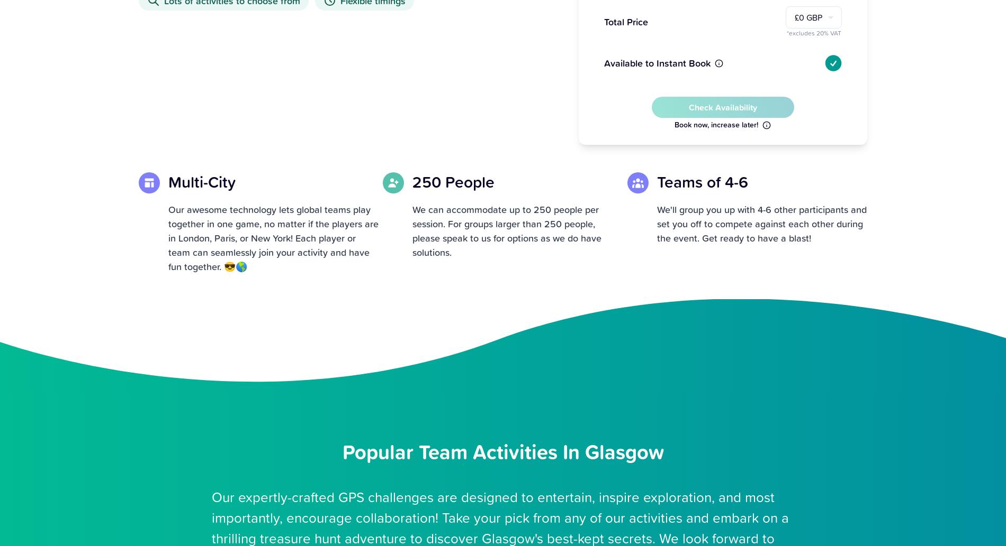 Image resolution: width=1006 pixels, height=546 pixels. What do you see at coordinates (604, 22) in the screenshot?
I see `'Total Price'` at bounding box center [604, 22].